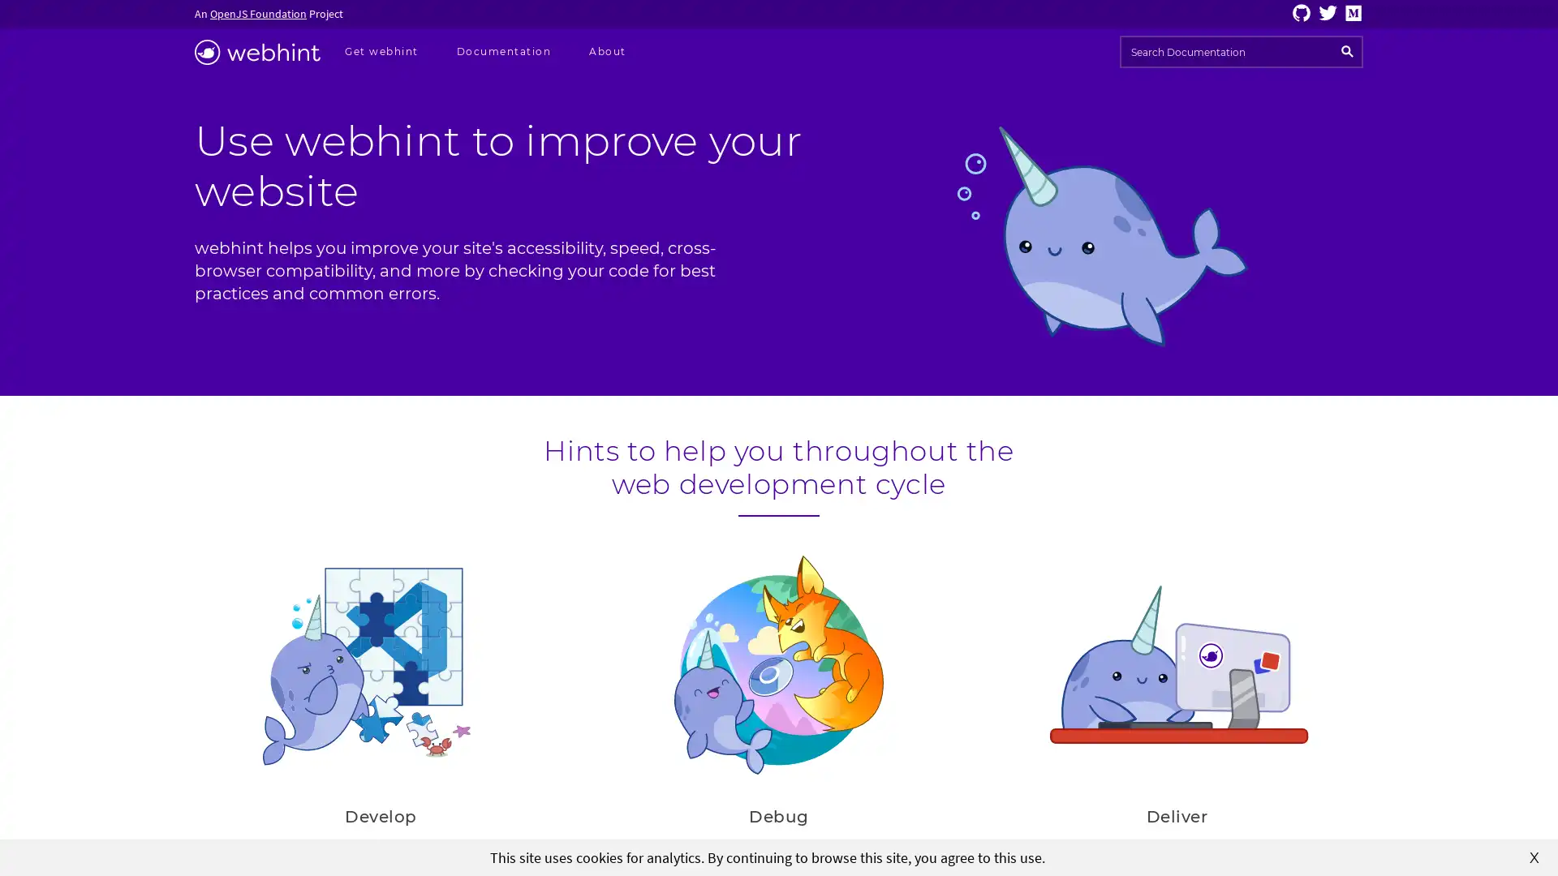  I want to click on close, so click(1534, 856).